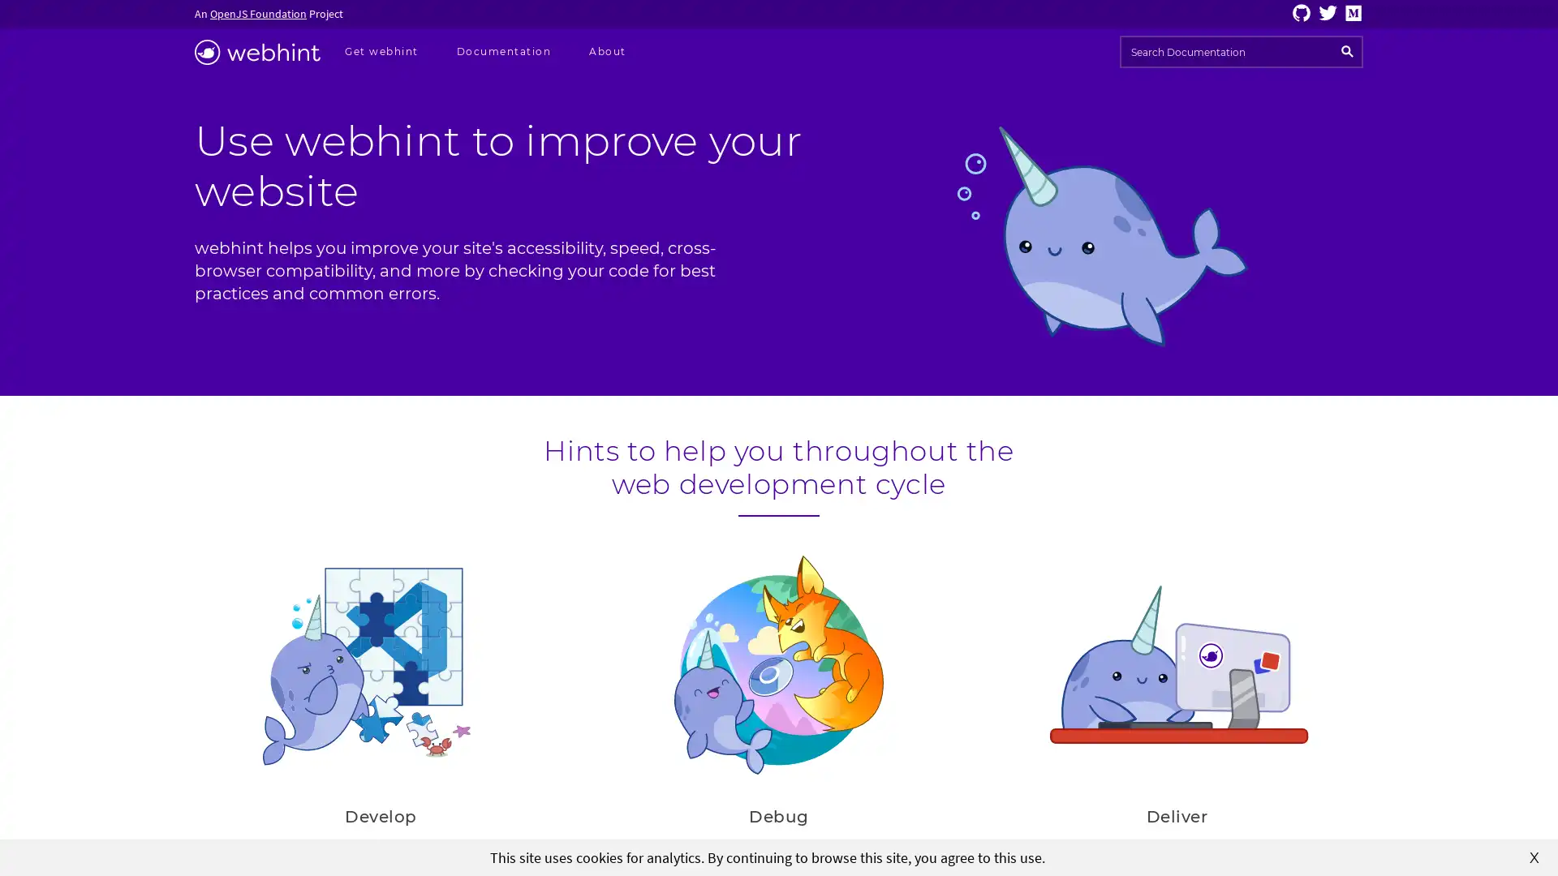  I want to click on close, so click(1534, 856).